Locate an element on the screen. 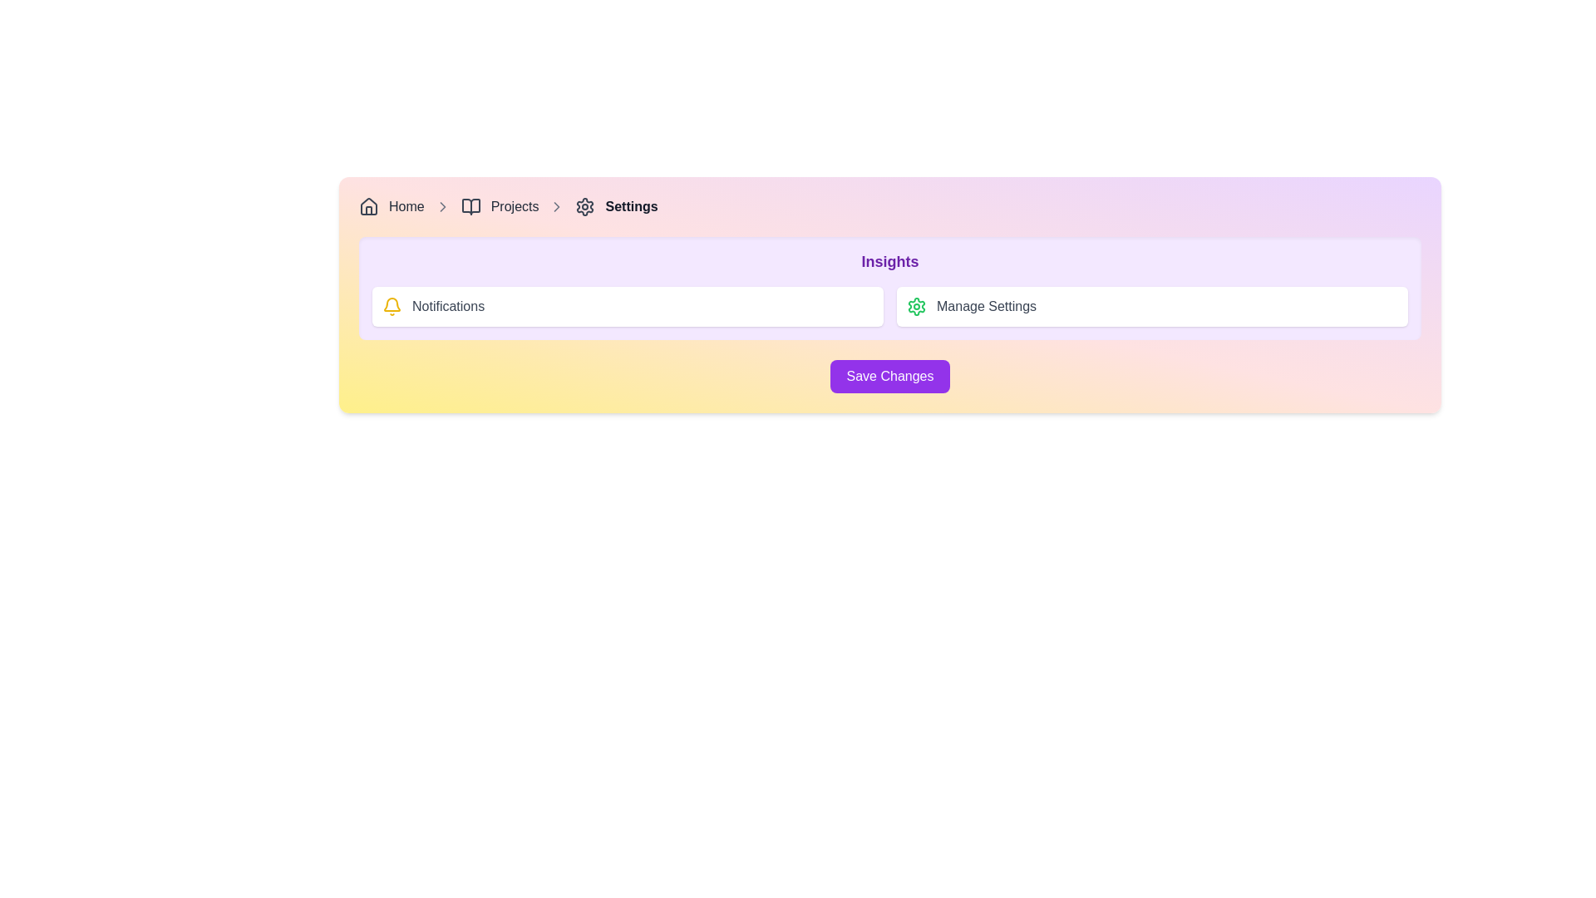 The height and width of the screenshot is (898, 1596). the visual separator icon in the breadcrumb navigation bar, which is positioned between the 'Projects' and 'Settings' breadcrumb items is located at coordinates (442, 206).